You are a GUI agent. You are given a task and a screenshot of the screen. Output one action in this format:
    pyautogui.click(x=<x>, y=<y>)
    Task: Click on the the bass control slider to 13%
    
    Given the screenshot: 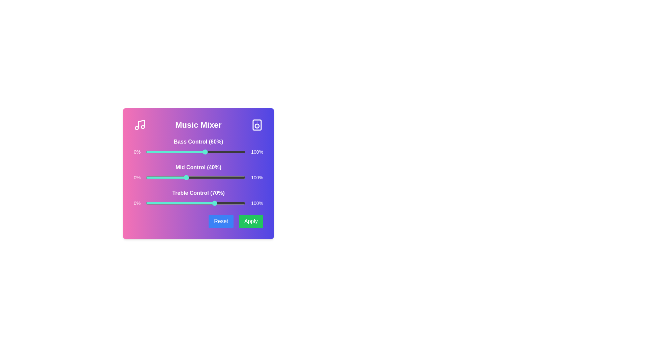 What is the action you would take?
    pyautogui.click(x=158, y=152)
    